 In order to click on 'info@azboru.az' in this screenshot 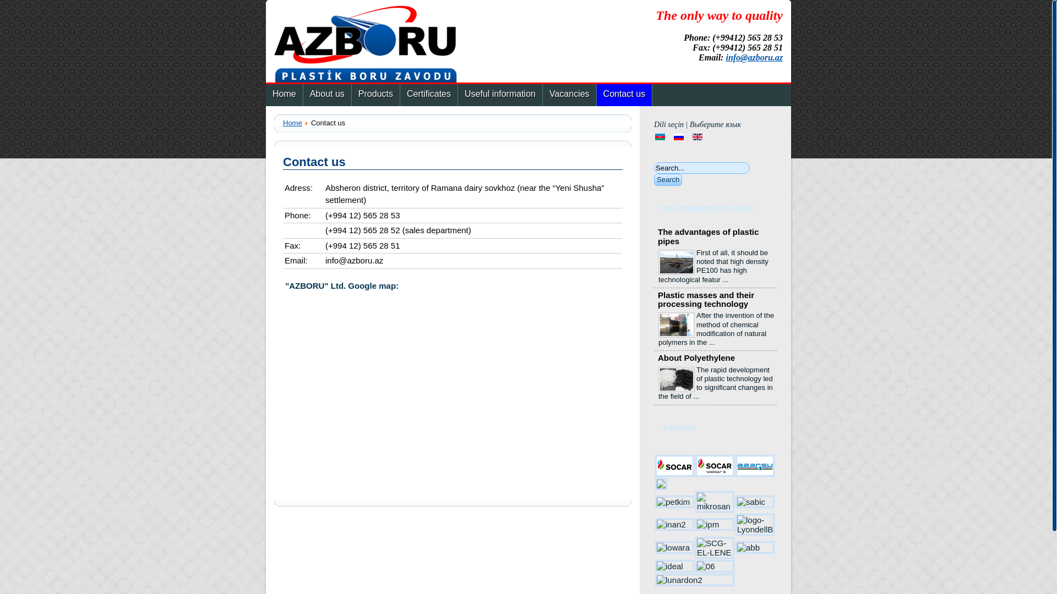, I will do `click(753, 57)`.